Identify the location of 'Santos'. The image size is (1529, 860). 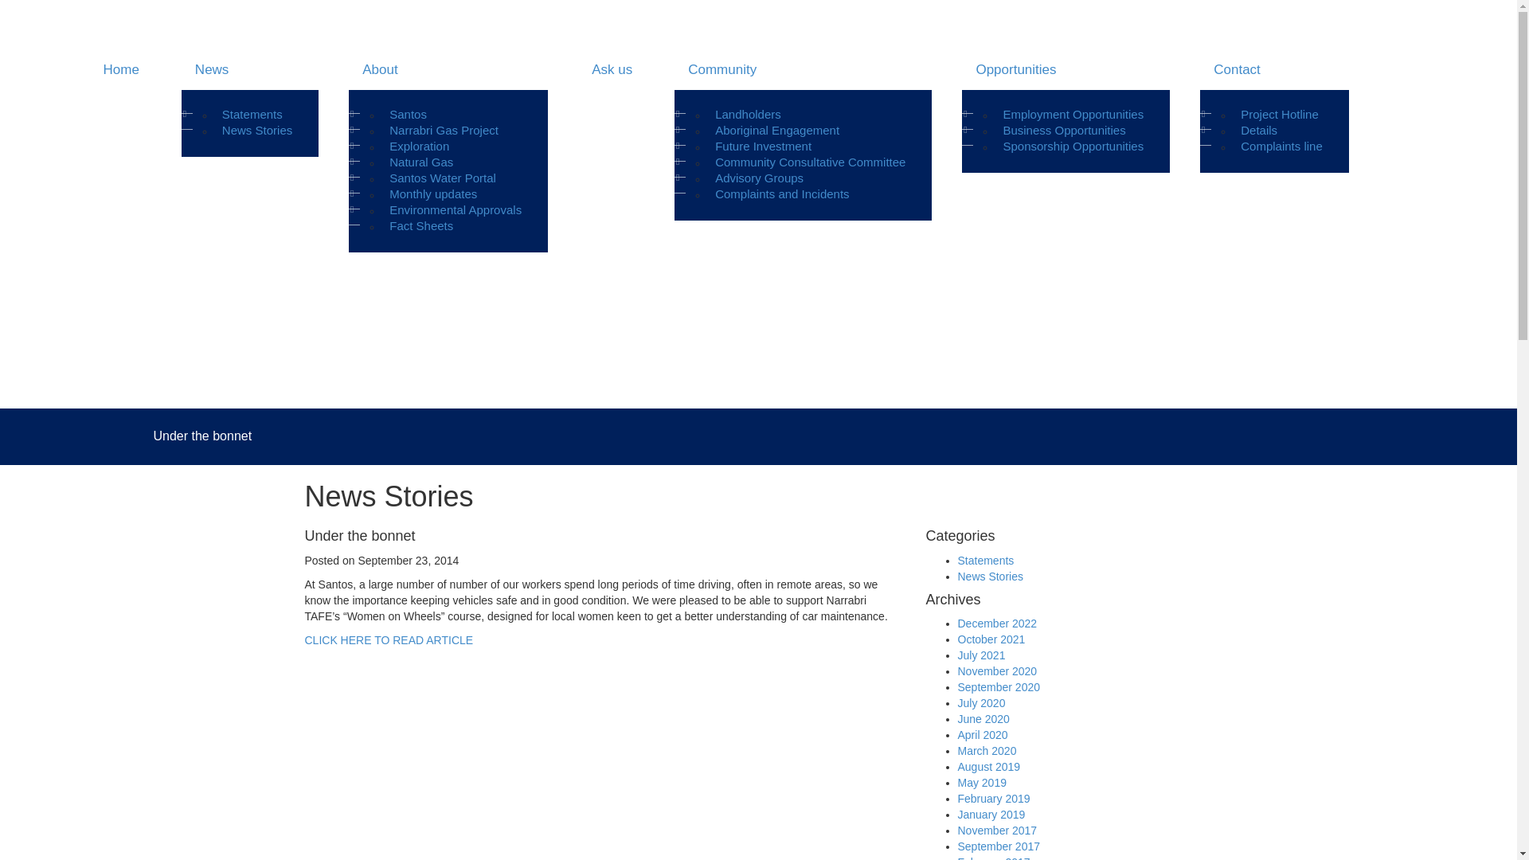
(408, 113).